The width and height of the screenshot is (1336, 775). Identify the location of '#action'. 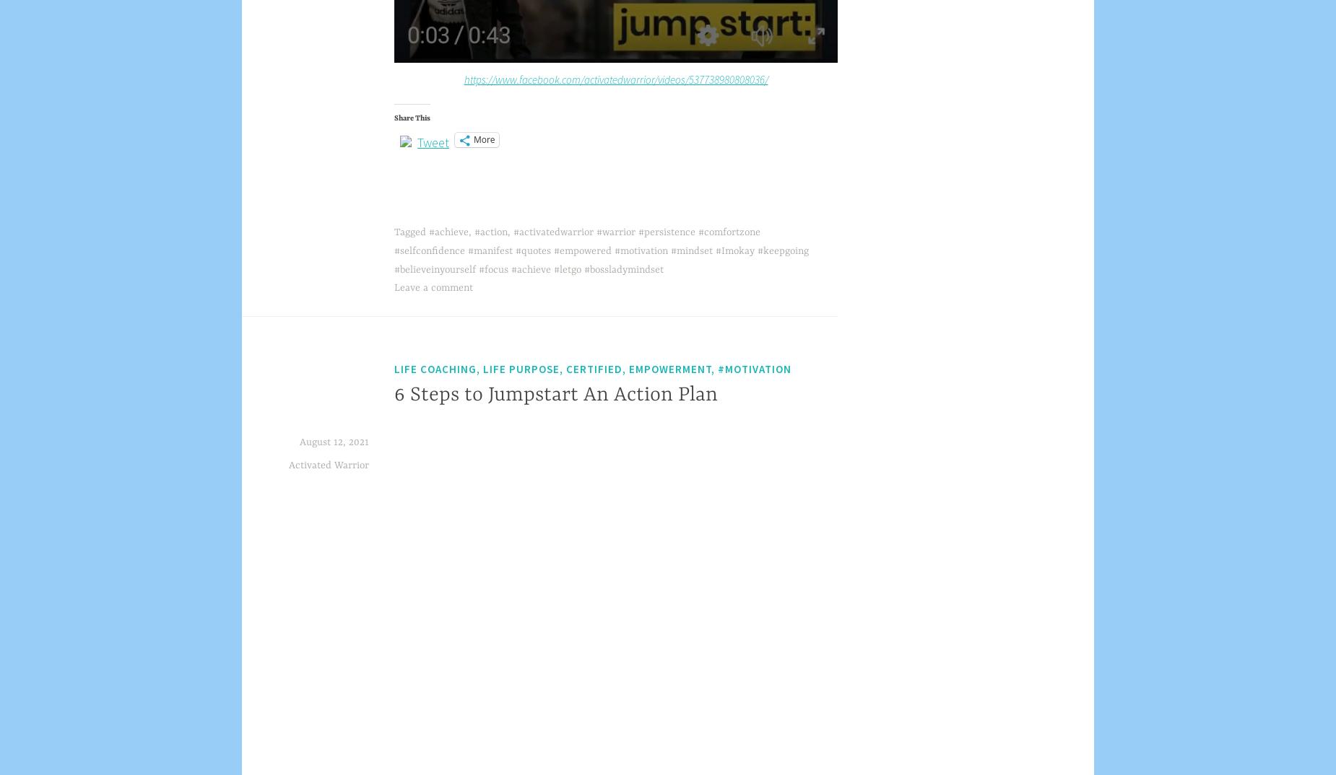
(491, 232).